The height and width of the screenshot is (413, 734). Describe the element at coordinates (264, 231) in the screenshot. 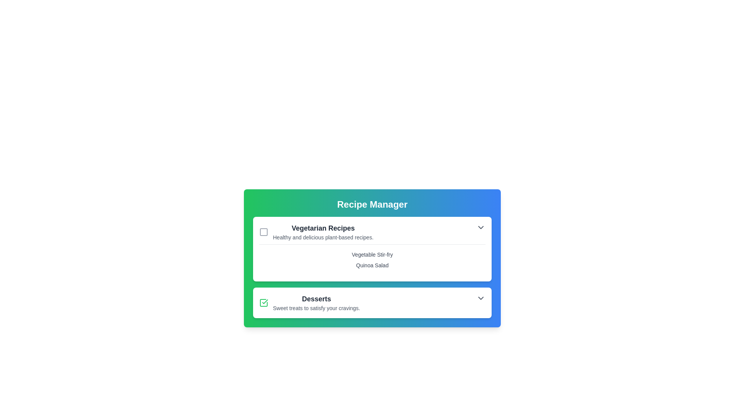

I see `the square icon with a light gray border, located to the immediate left of 'Vegetarian Recipes'` at that location.